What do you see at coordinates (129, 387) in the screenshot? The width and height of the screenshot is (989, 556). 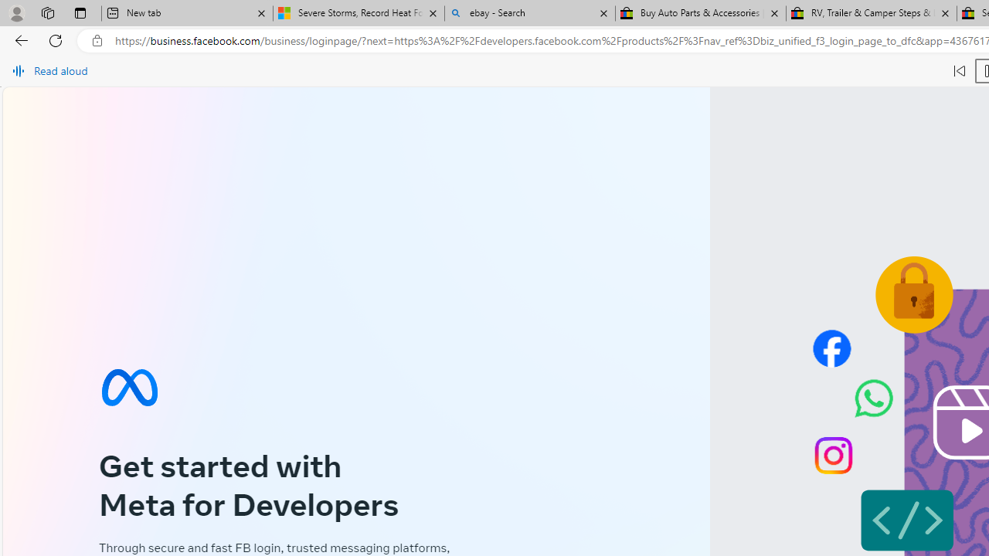 I see `'Meta symbol'` at bounding box center [129, 387].